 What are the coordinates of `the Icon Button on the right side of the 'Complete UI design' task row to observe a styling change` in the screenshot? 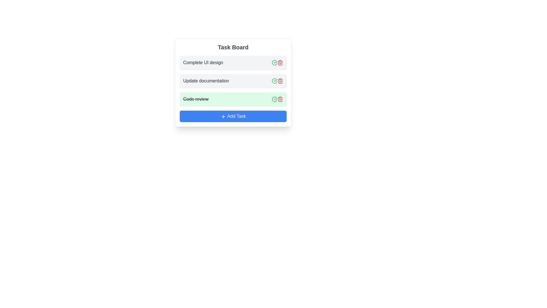 It's located at (275, 62).